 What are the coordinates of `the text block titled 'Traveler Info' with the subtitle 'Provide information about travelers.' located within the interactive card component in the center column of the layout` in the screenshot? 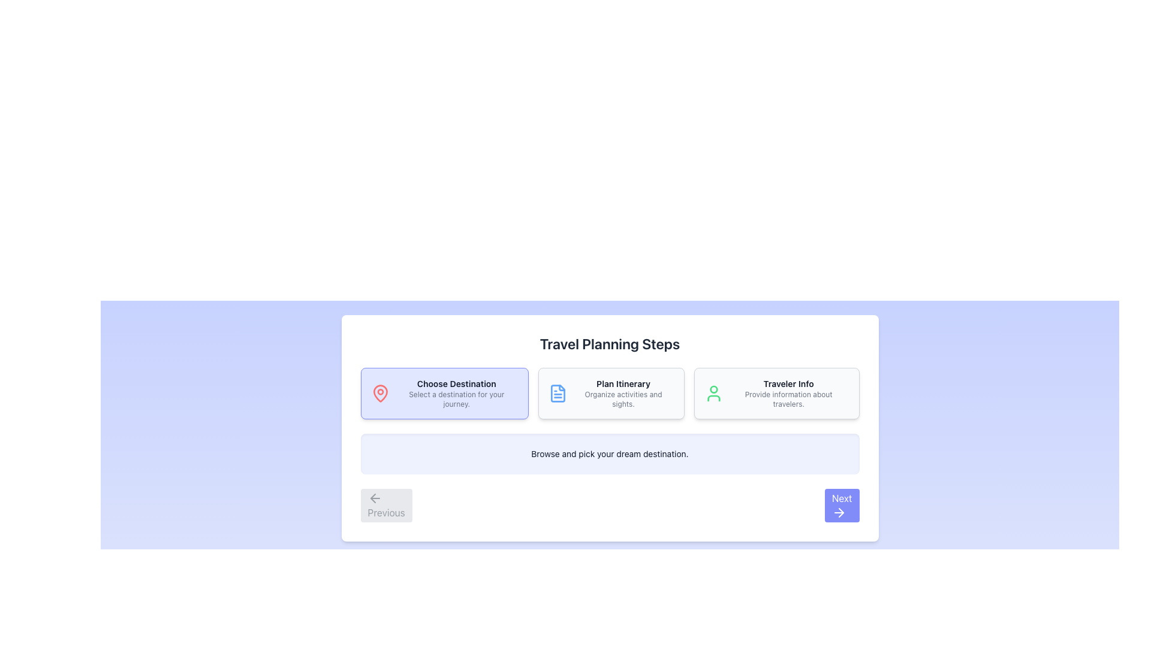 It's located at (788, 393).